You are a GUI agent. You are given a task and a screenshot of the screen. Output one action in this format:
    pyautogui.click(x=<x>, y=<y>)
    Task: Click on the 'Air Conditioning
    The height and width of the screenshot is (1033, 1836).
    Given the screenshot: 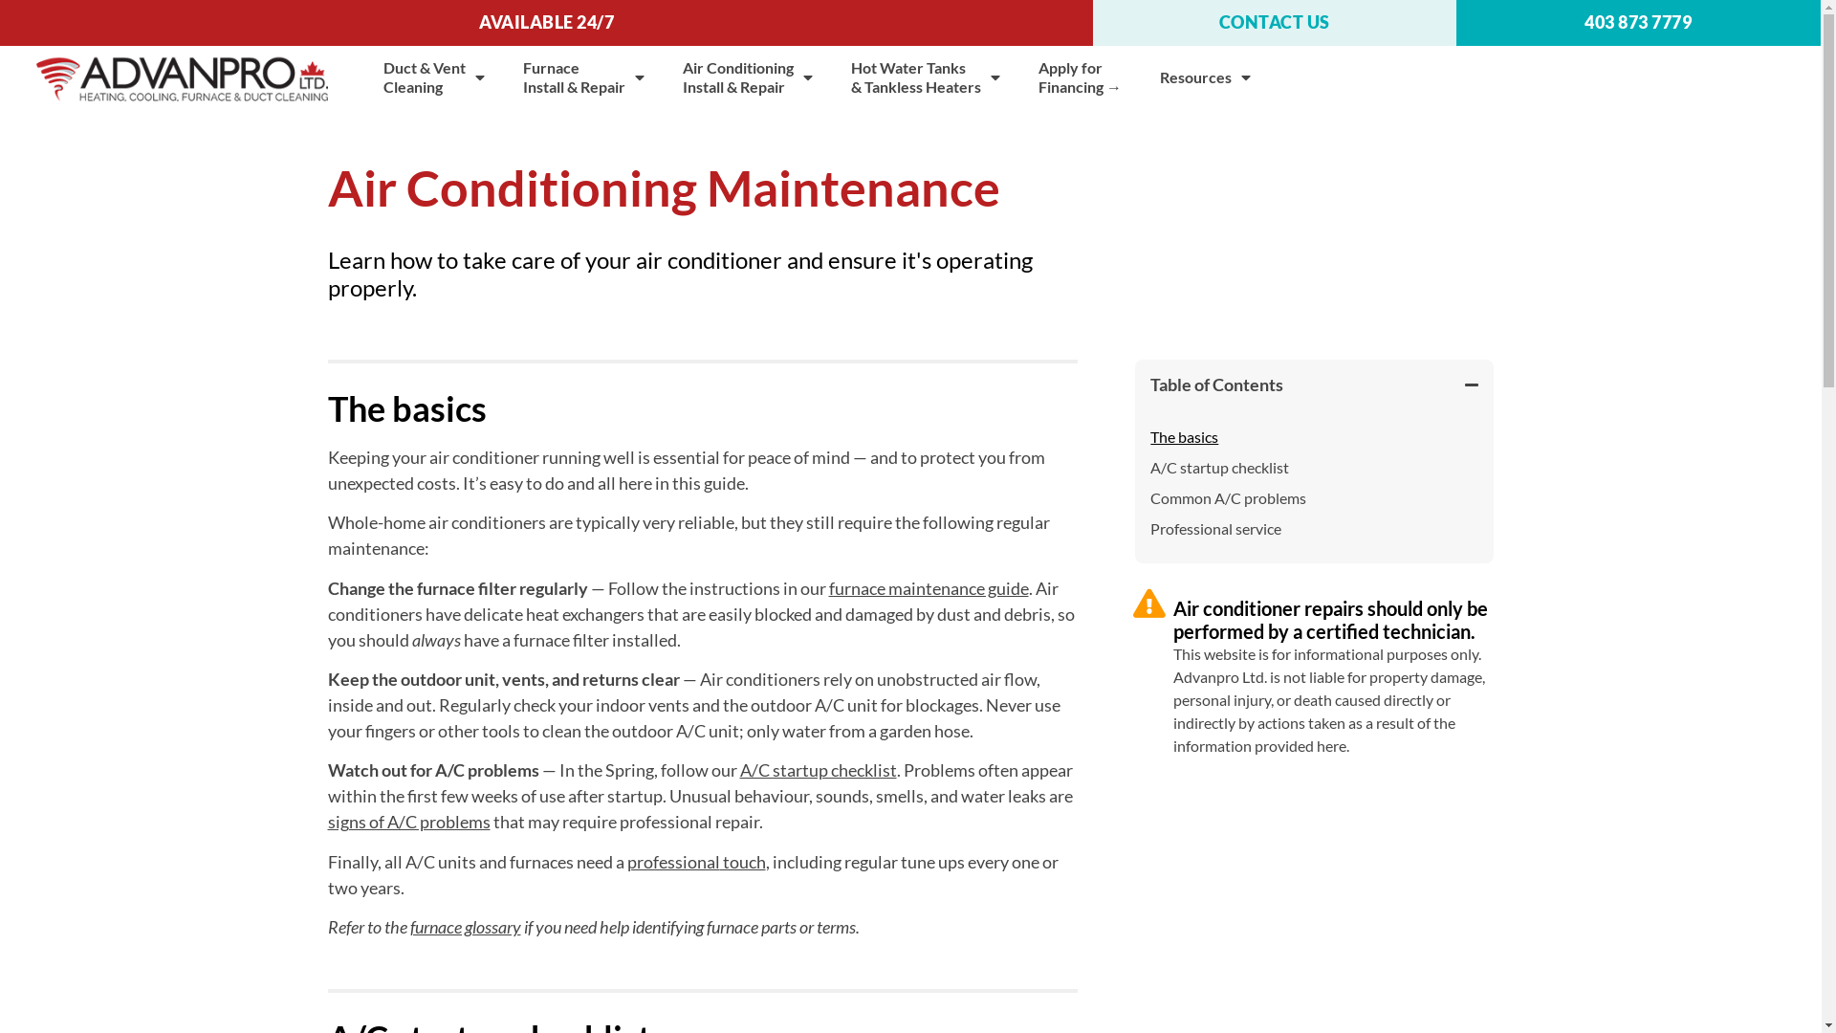 What is the action you would take?
    pyautogui.click(x=747, y=77)
    